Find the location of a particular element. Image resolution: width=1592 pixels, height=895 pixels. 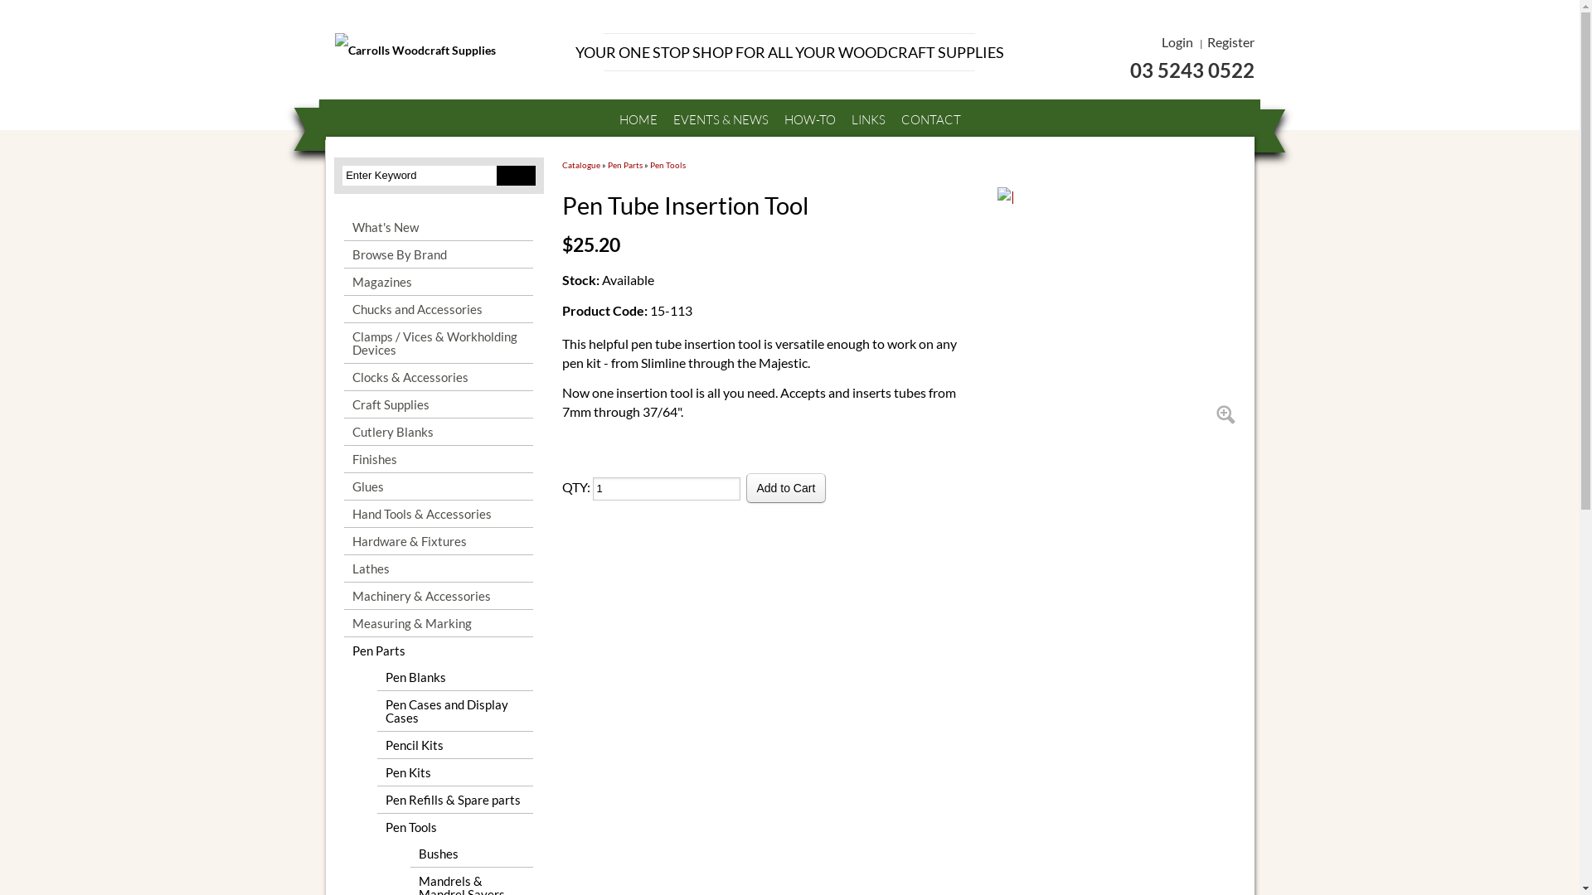

'Hand Tools & Accessories' is located at coordinates (438, 513).